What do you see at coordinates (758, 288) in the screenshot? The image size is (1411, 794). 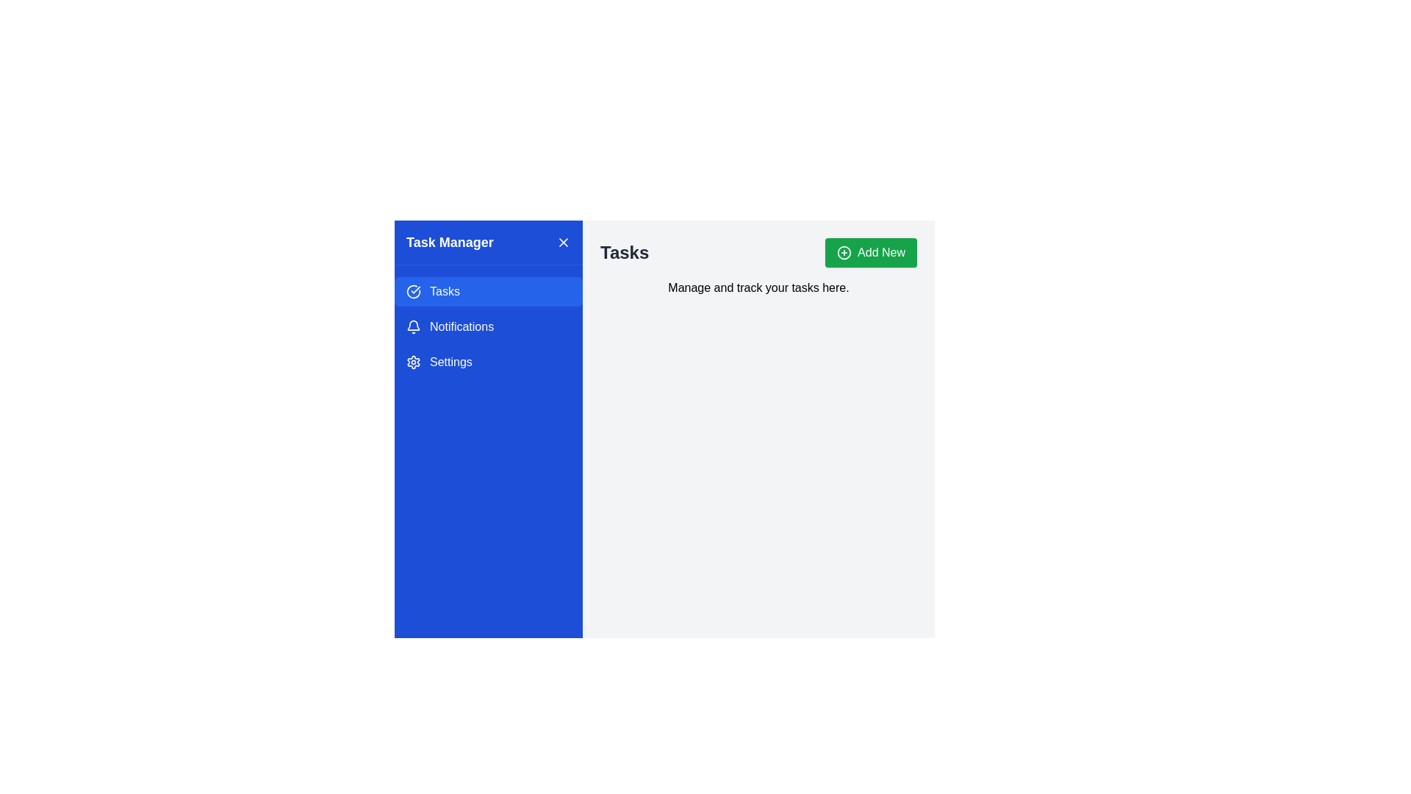 I see `the static text that reads 'Manage and track your tasks here.' located beneath the 'Add New' button and aligned under the 'Tasks' heading` at bounding box center [758, 288].